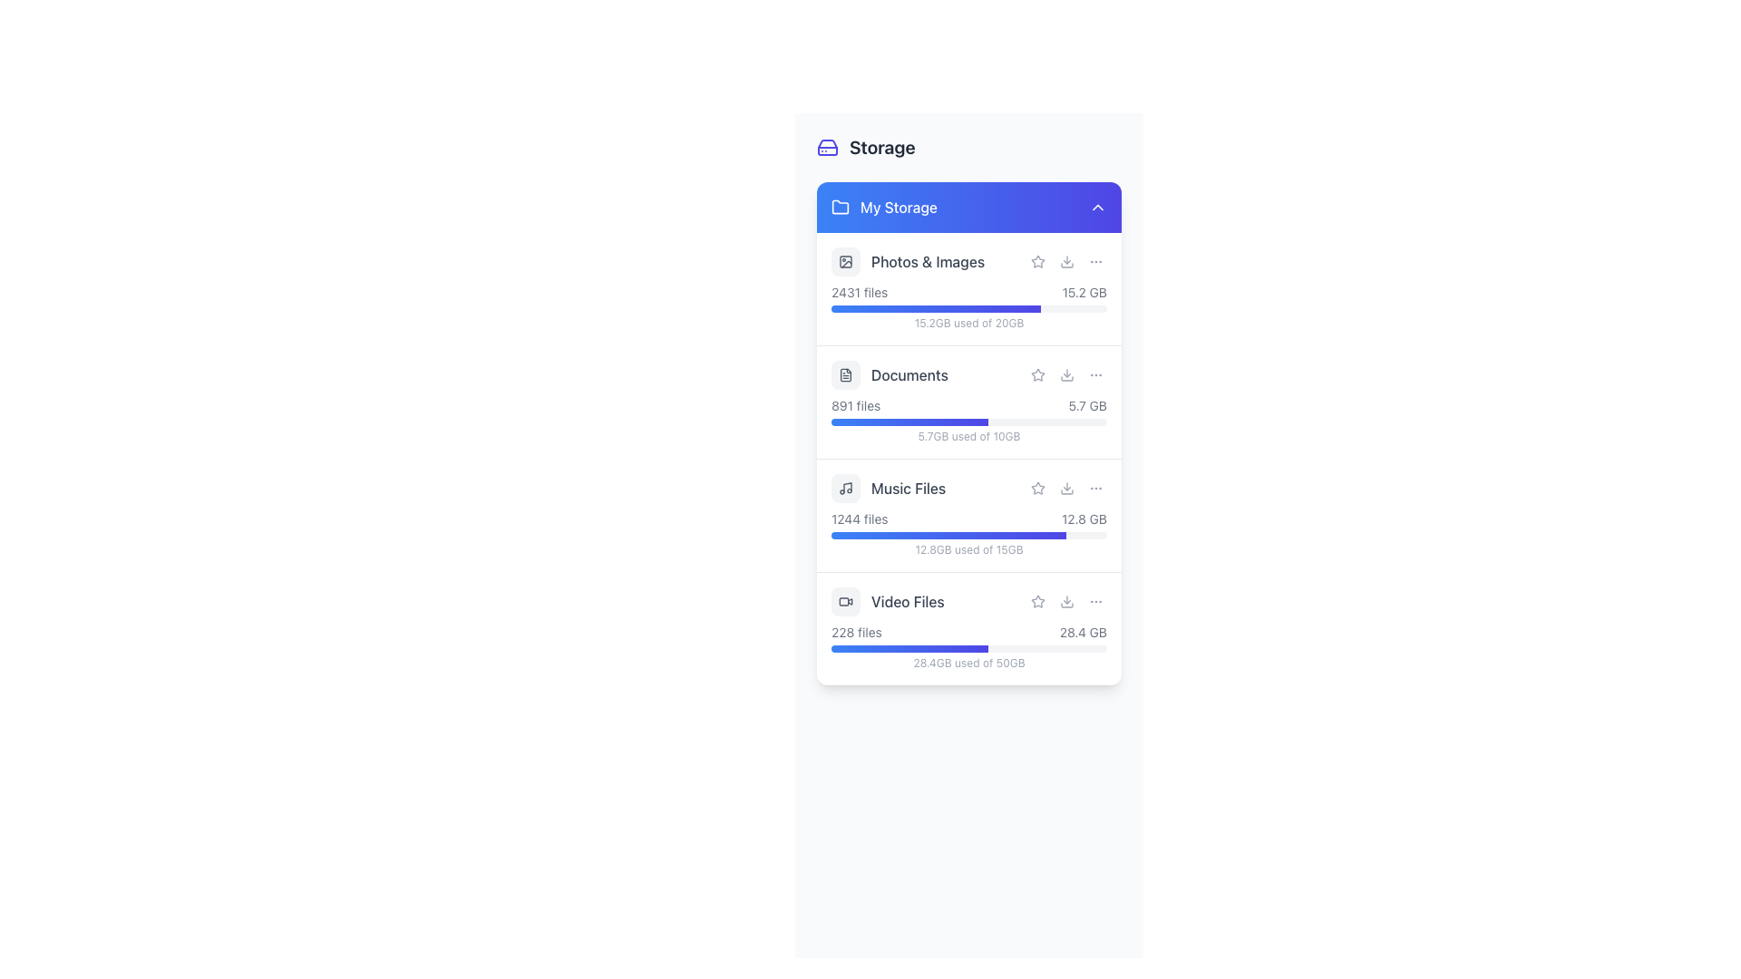 The height and width of the screenshot is (979, 1741). What do you see at coordinates (1095, 601) in the screenshot?
I see `the third button in the horizontal row of interactive elements in the 'Video Files' section` at bounding box center [1095, 601].